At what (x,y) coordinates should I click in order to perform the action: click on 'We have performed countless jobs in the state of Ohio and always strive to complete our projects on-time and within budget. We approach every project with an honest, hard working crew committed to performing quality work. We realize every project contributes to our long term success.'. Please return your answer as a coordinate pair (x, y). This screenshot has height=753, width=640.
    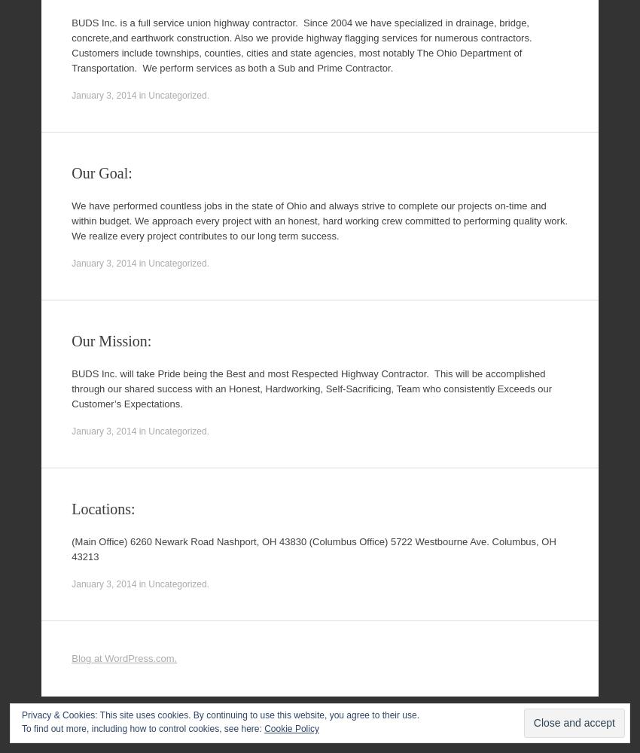
    Looking at the image, I should click on (71, 220).